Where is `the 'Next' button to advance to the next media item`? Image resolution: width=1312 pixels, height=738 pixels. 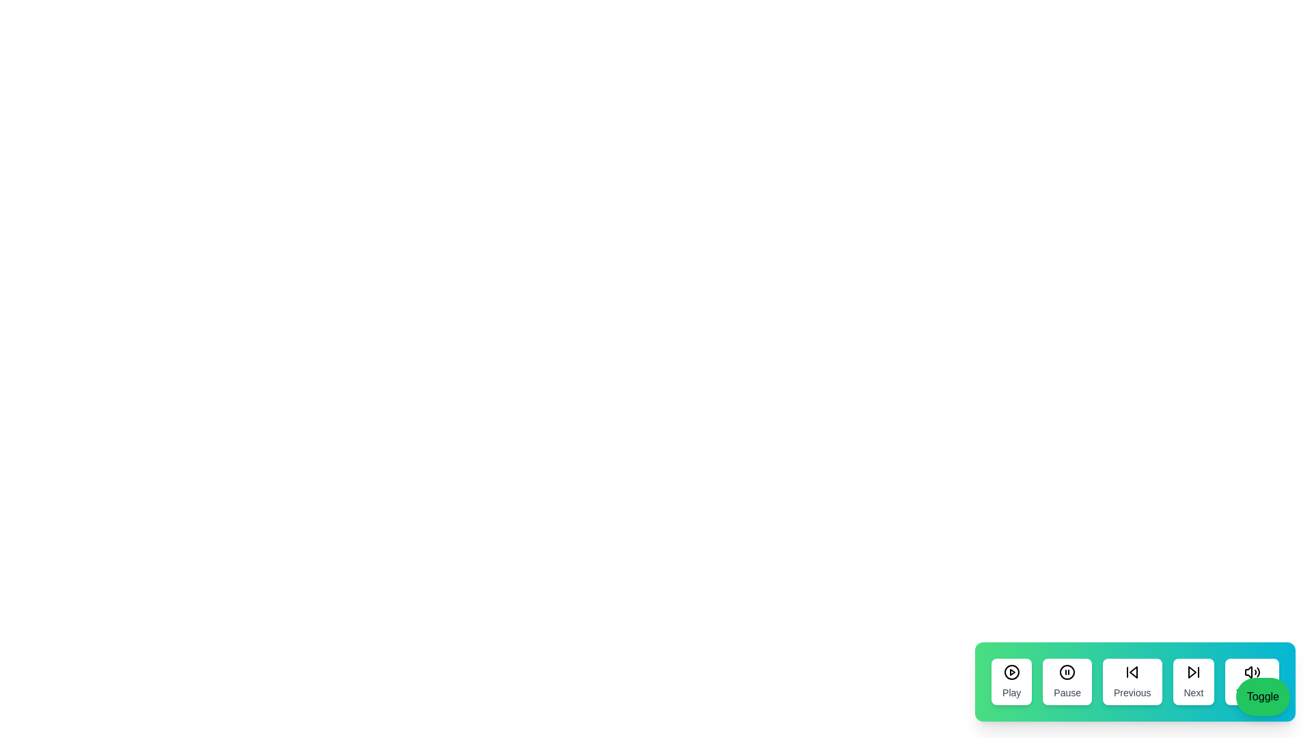
the 'Next' button to advance to the next media item is located at coordinates (1192, 682).